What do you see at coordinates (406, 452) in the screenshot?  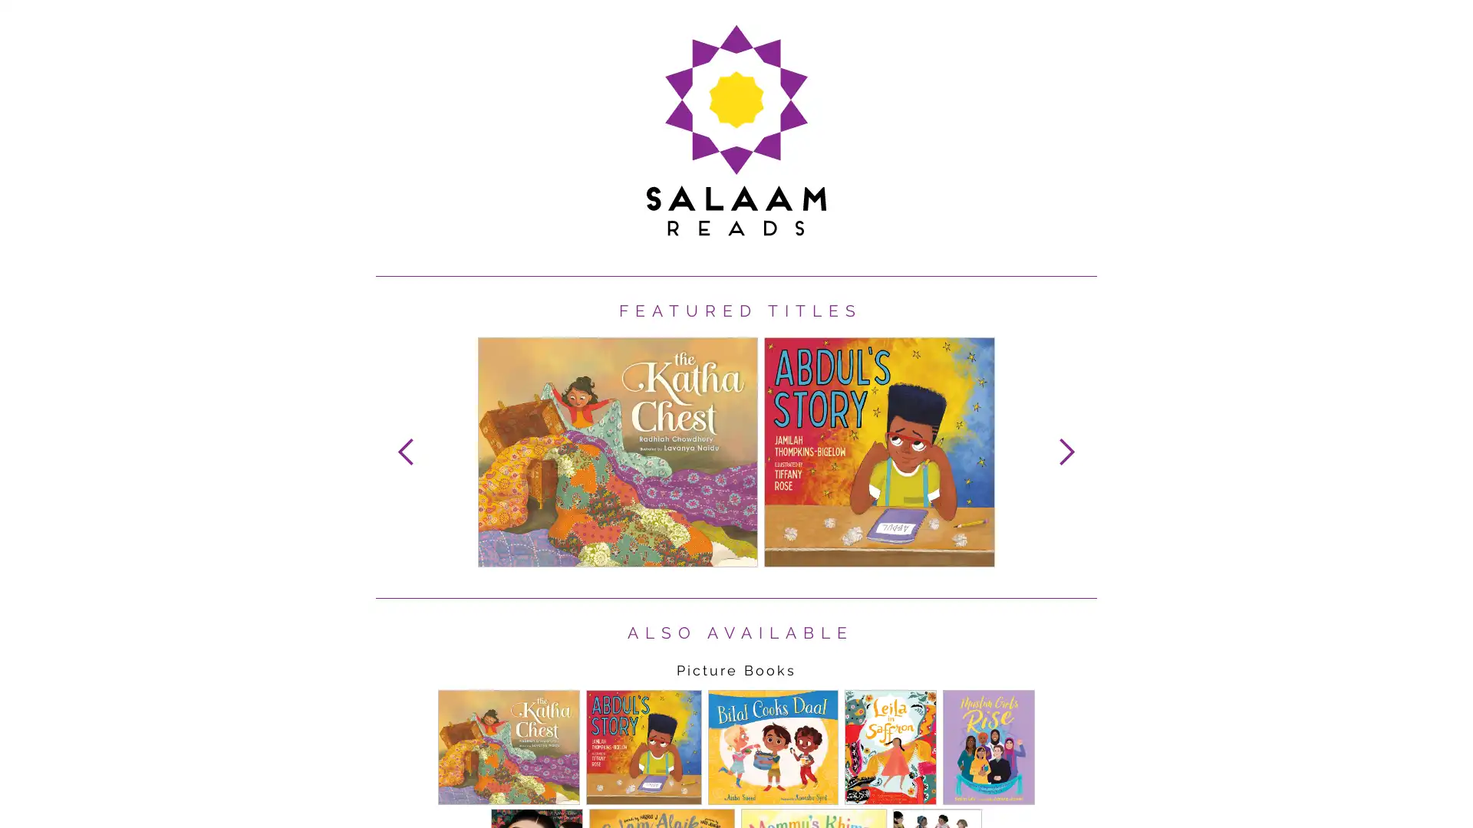 I see `previous slide` at bounding box center [406, 452].